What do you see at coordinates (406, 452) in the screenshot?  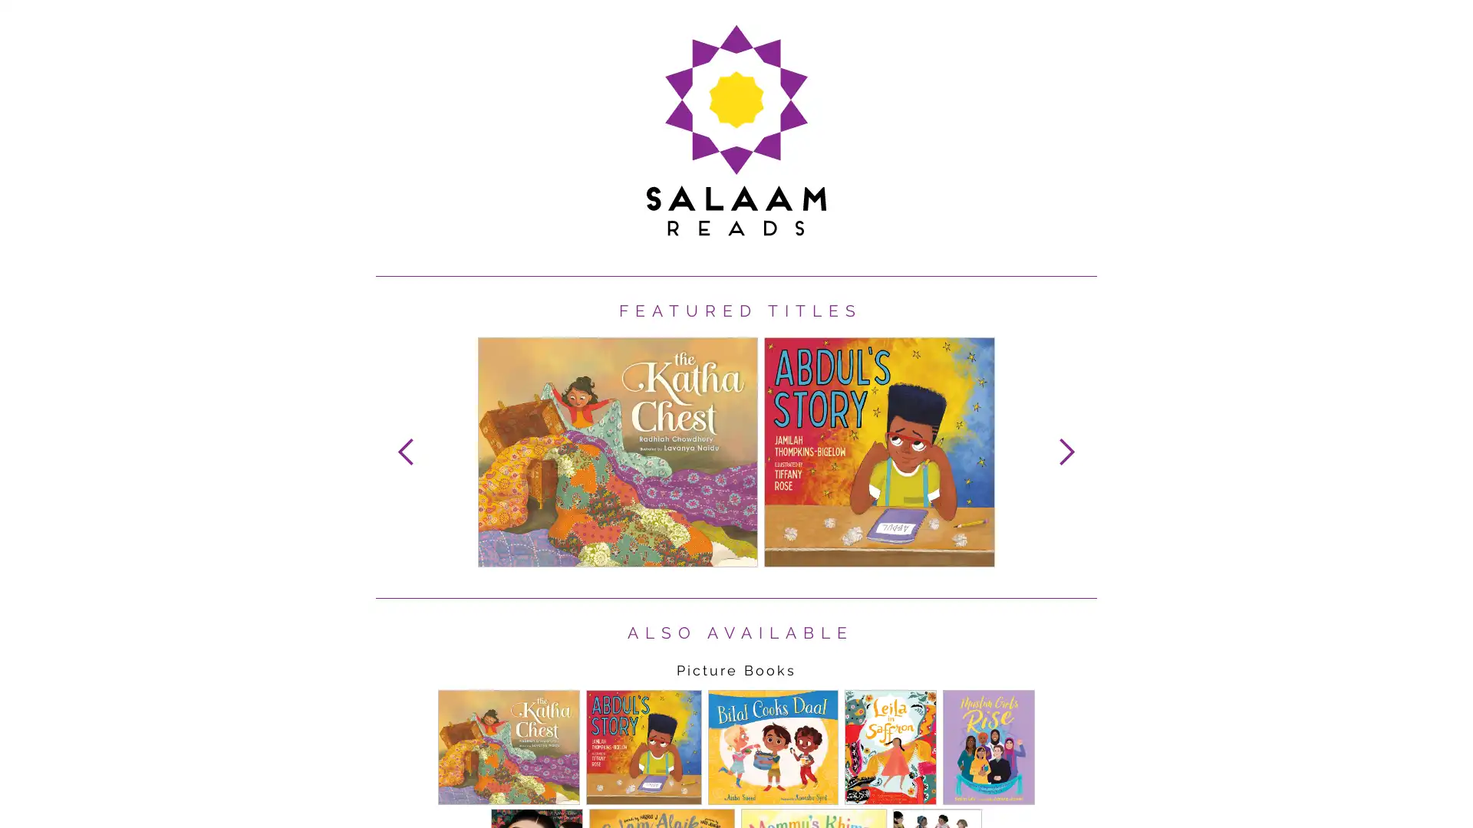 I see `previous slide` at bounding box center [406, 452].